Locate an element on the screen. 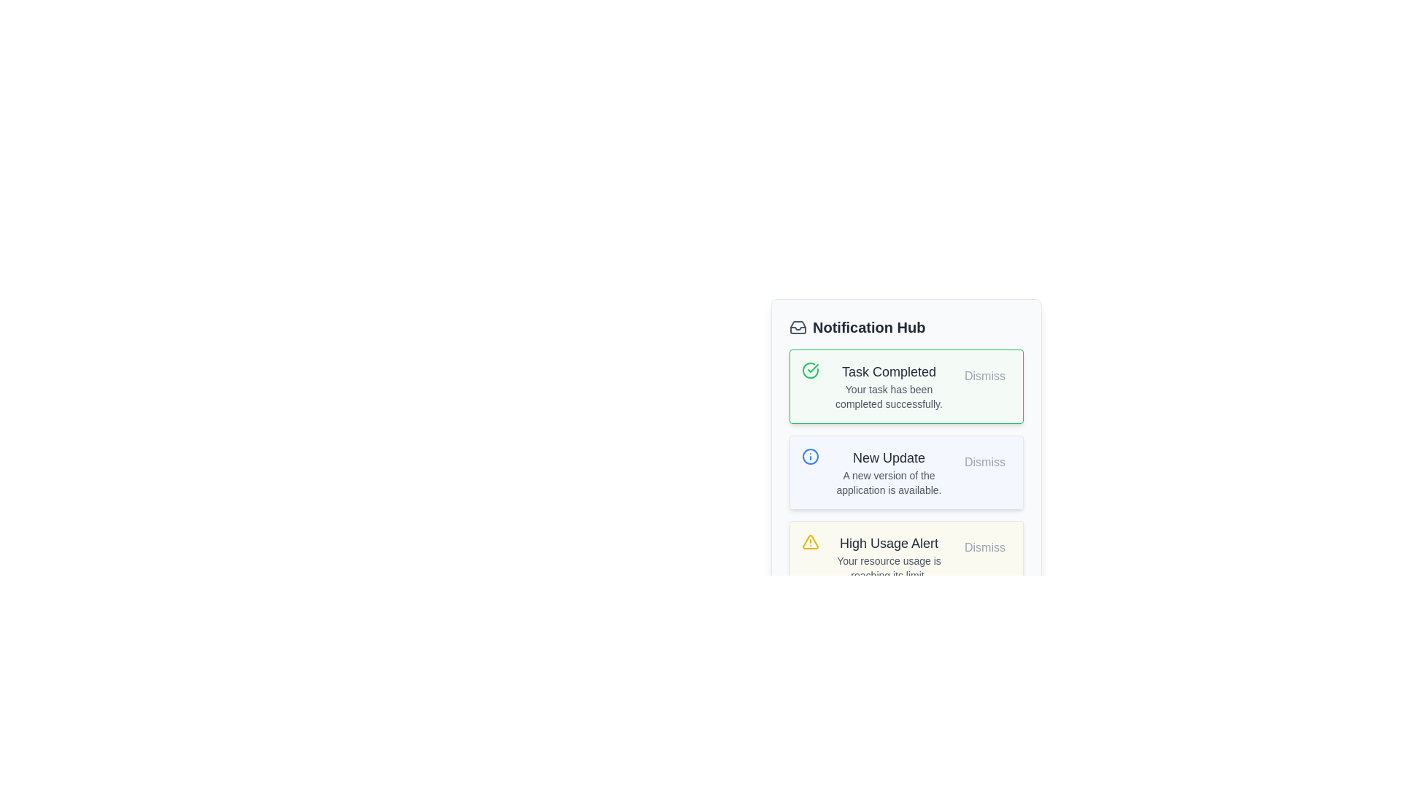  the inbox icon located in the header area of the 'Notification Hub' section, immediately to the left of the section title text labeled 'Notification Hub' is located at coordinates (798, 326).